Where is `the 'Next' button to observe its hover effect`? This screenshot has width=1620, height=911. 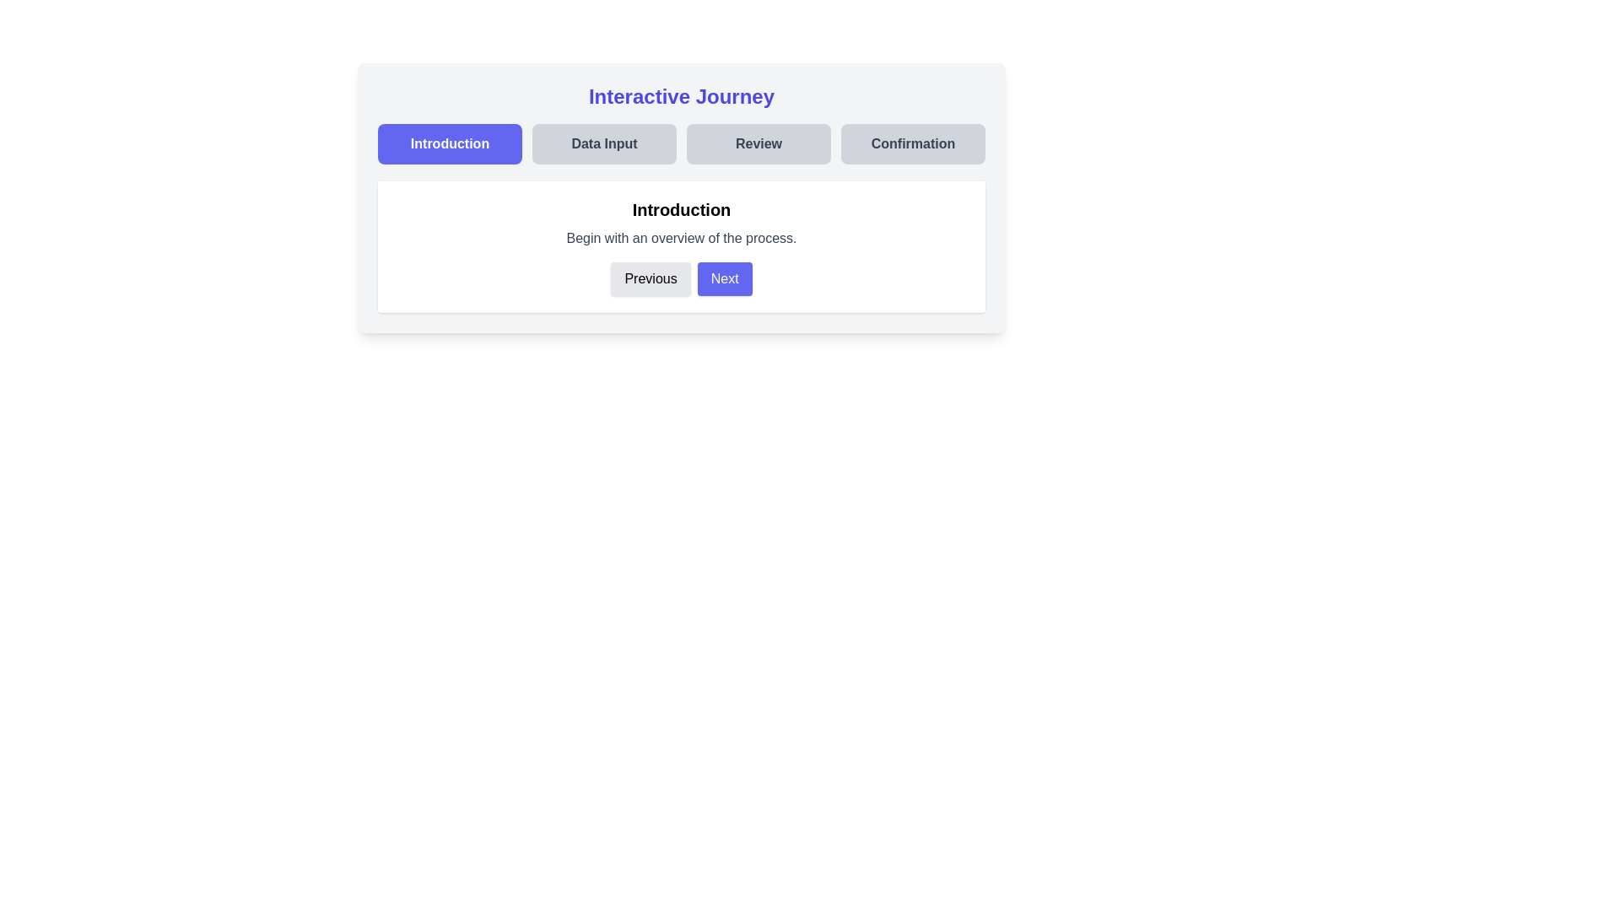 the 'Next' button to observe its hover effect is located at coordinates (725, 278).